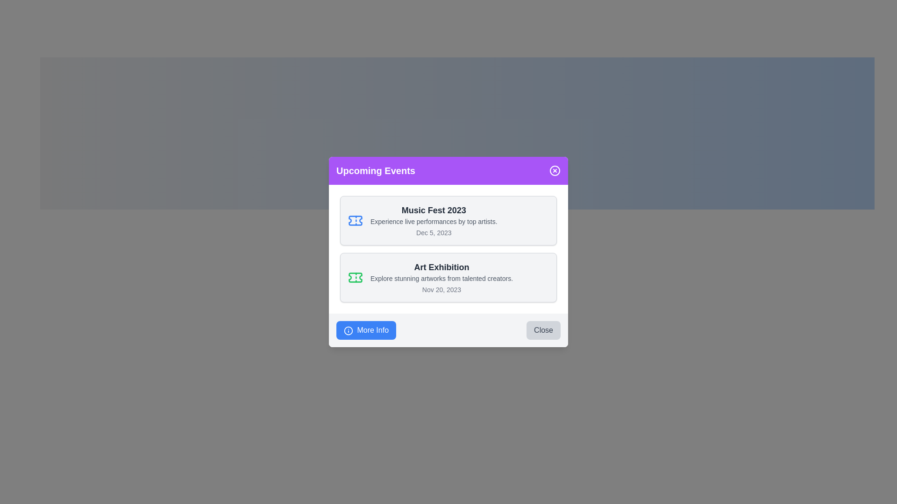 The height and width of the screenshot is (504, 897). I want to click on to interact with the 'Art Exhibition' event information card, which is the second item in the 'Upcoming Events' section of the modal, so click(448, 277).